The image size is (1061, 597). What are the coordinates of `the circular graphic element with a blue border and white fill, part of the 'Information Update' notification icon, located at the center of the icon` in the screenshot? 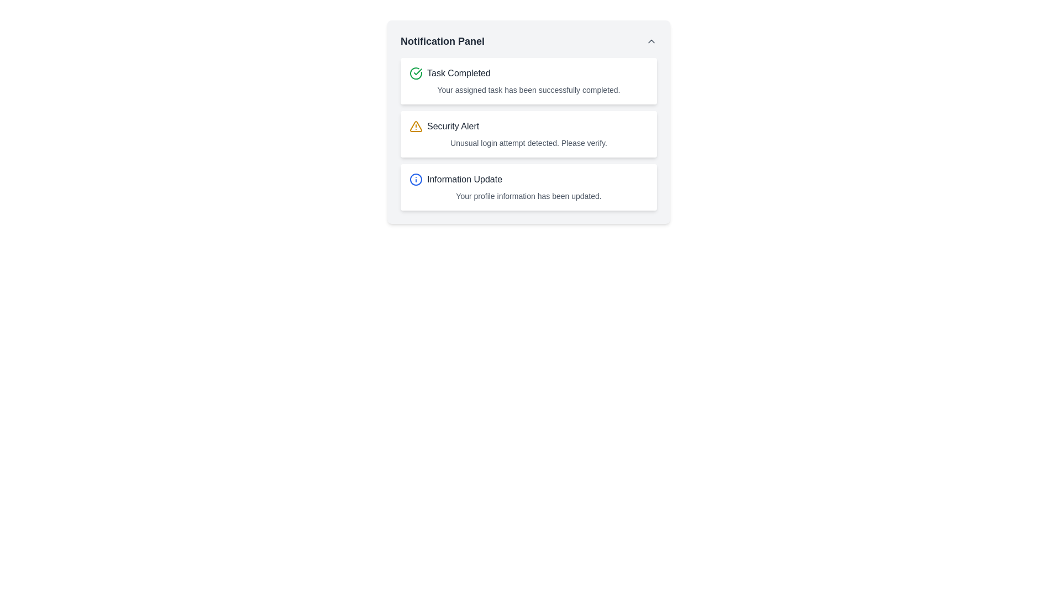 It's located at (416, 179).